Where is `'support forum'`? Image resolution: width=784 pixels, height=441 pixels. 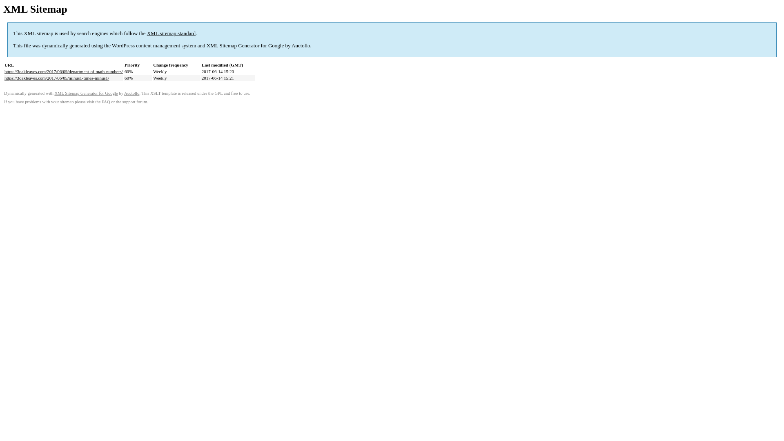 'support forum' is located at coordinates (135, 101).